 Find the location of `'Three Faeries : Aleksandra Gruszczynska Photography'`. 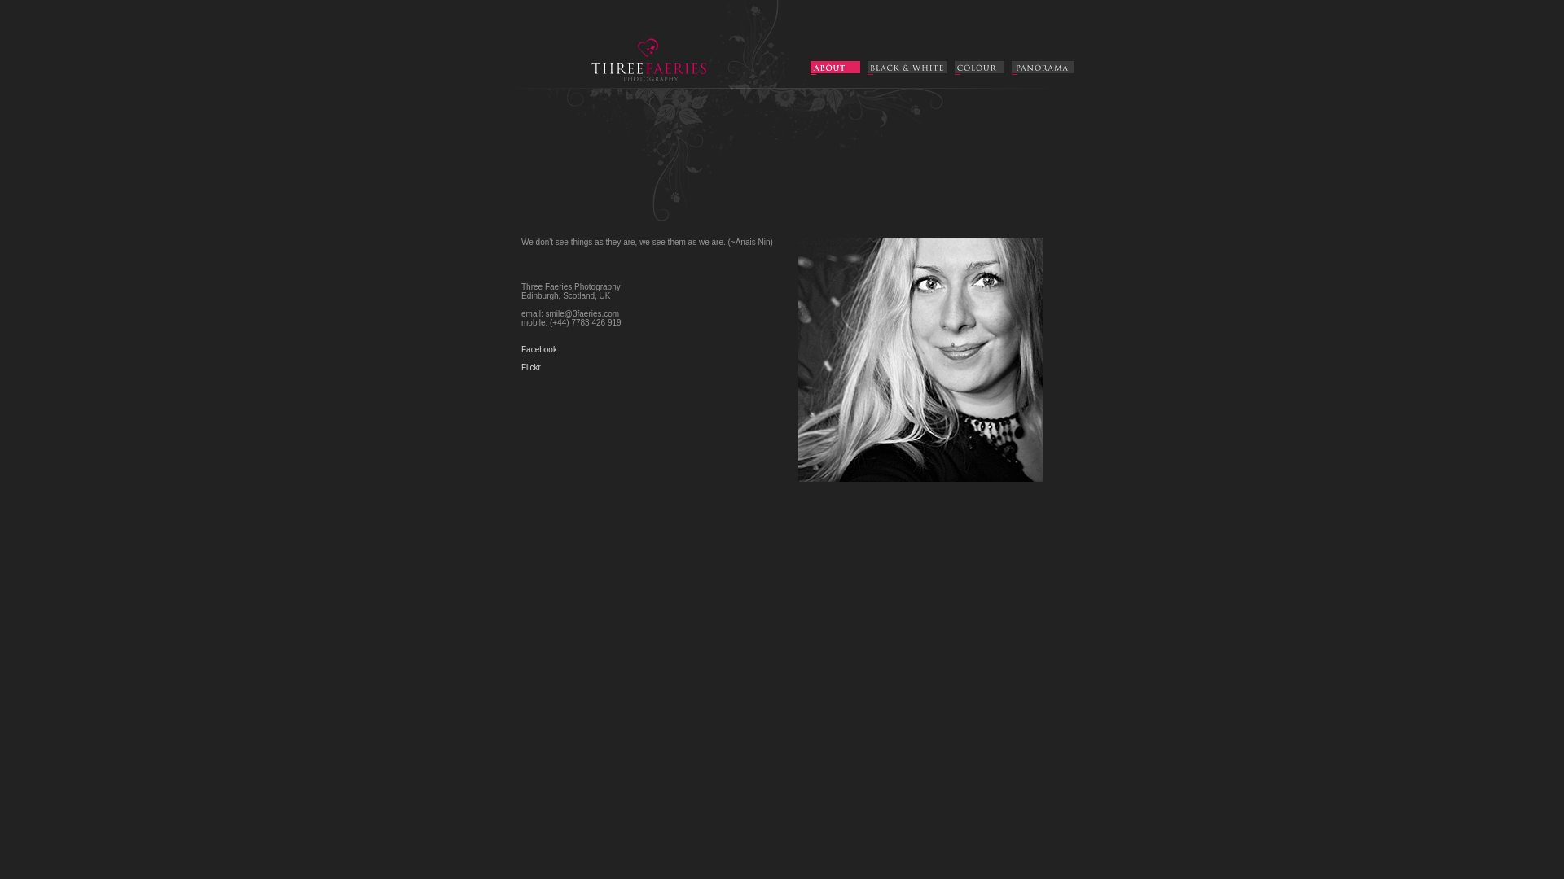

'Three Faeries : Aleksandra Gruszczynska Photography' is located at coordinates (468, 85).